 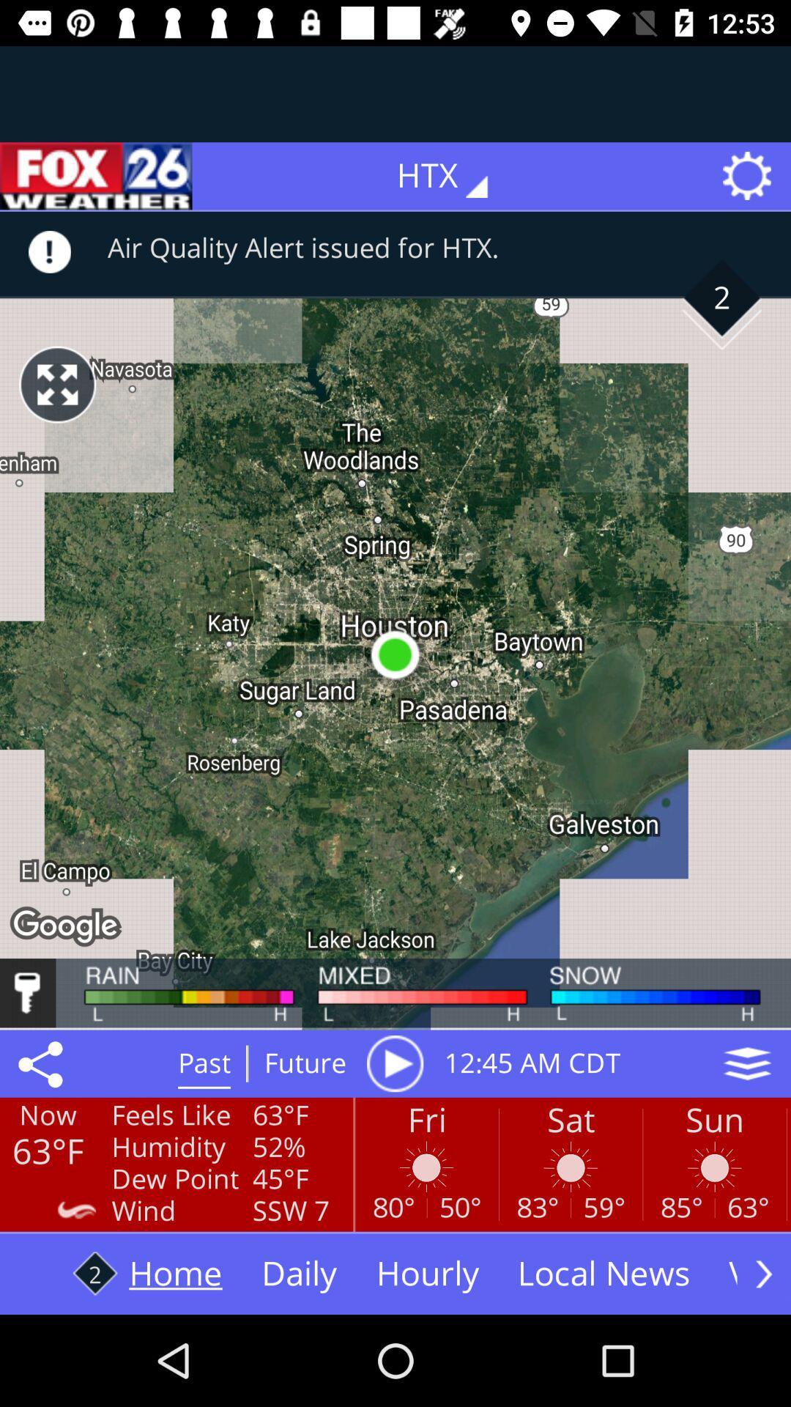 I want to click on icon next to the feels like, so click(x=42, y=1063).